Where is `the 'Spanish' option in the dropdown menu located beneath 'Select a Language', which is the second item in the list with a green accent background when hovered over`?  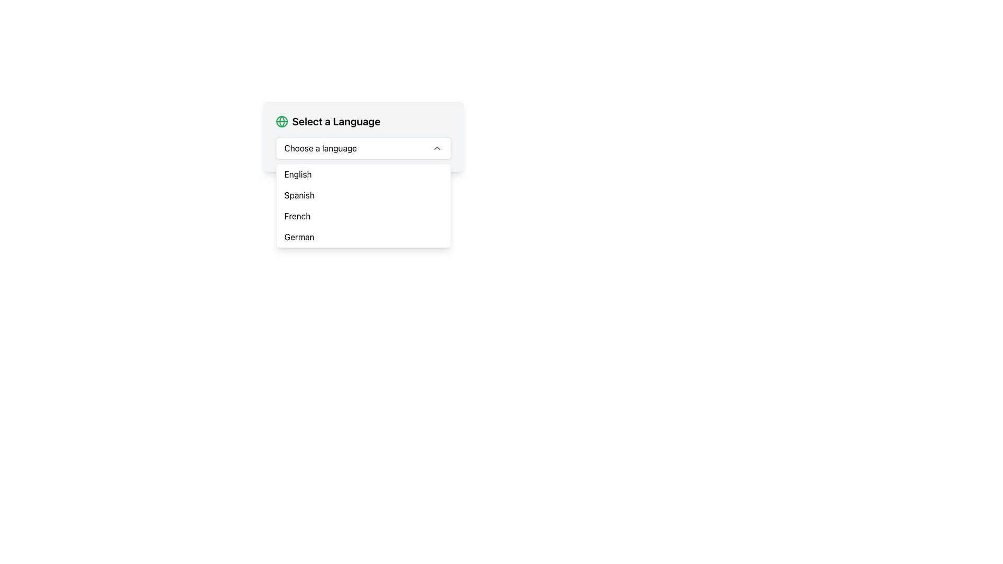
the 'Spanish' option in the dropdown menu located beneath 'Select a Language', which is the second item in the list with a green accent background when hovered over is located at coordinates (363, 195).